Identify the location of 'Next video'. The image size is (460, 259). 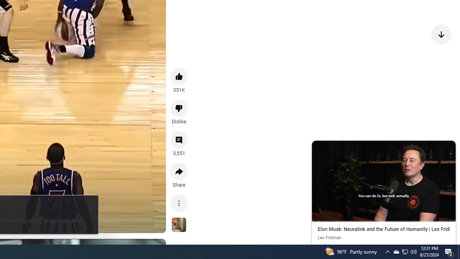
(441, 34).